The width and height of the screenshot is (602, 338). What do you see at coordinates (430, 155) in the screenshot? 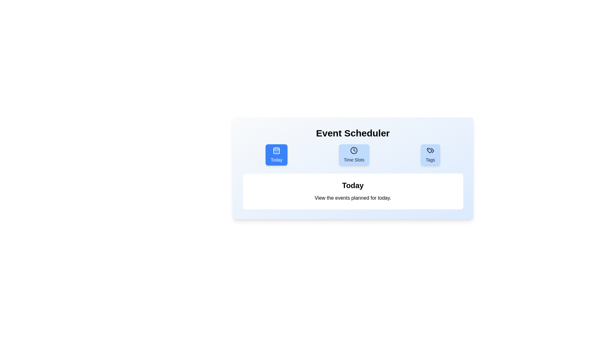
I see `the Tags tab` at bounding box center [430, 155].